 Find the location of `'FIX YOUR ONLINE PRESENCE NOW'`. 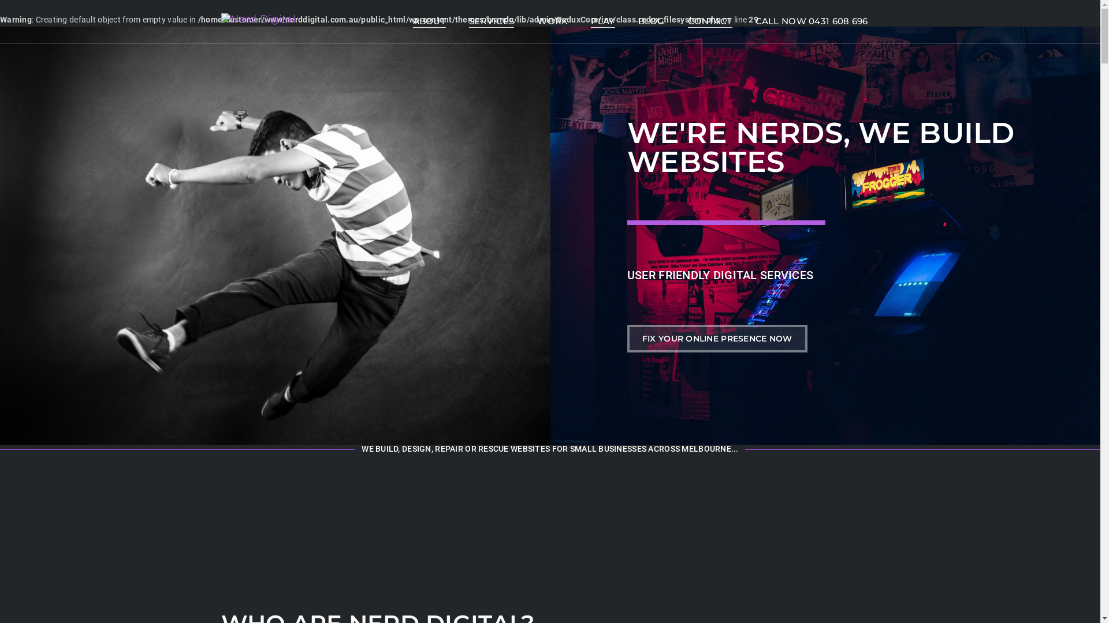

'FIX YOUR ONLINE PRESENCE NOW' is located at coordinates (717, 337).